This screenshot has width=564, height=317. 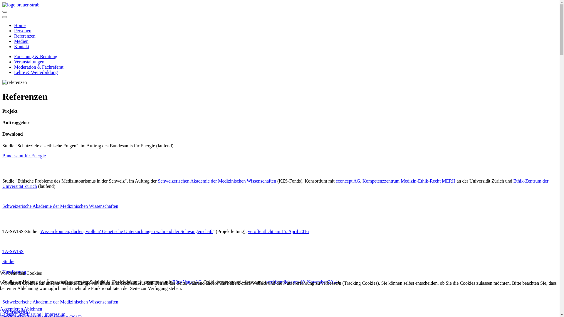 I want to click on 'Kompetenzzentrum Medizin-Ethik-Recht MERH', so click(x=409, y=181).